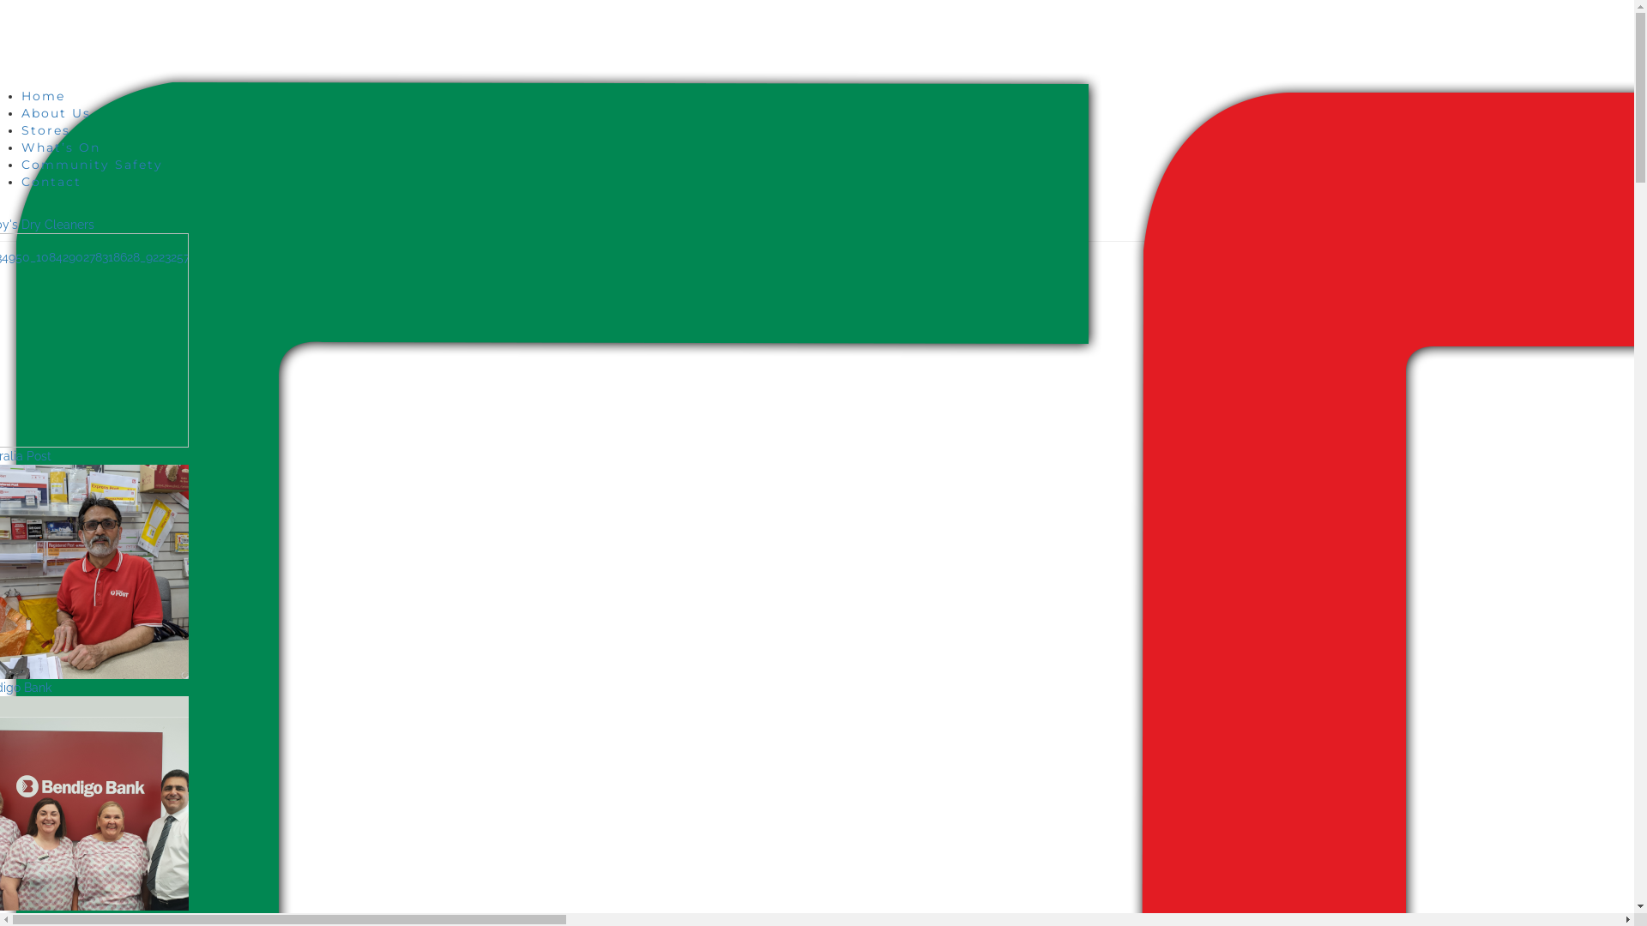  Describe the element at coordinates (43, 95) in the screenshot. I see `'Home'` at that location.